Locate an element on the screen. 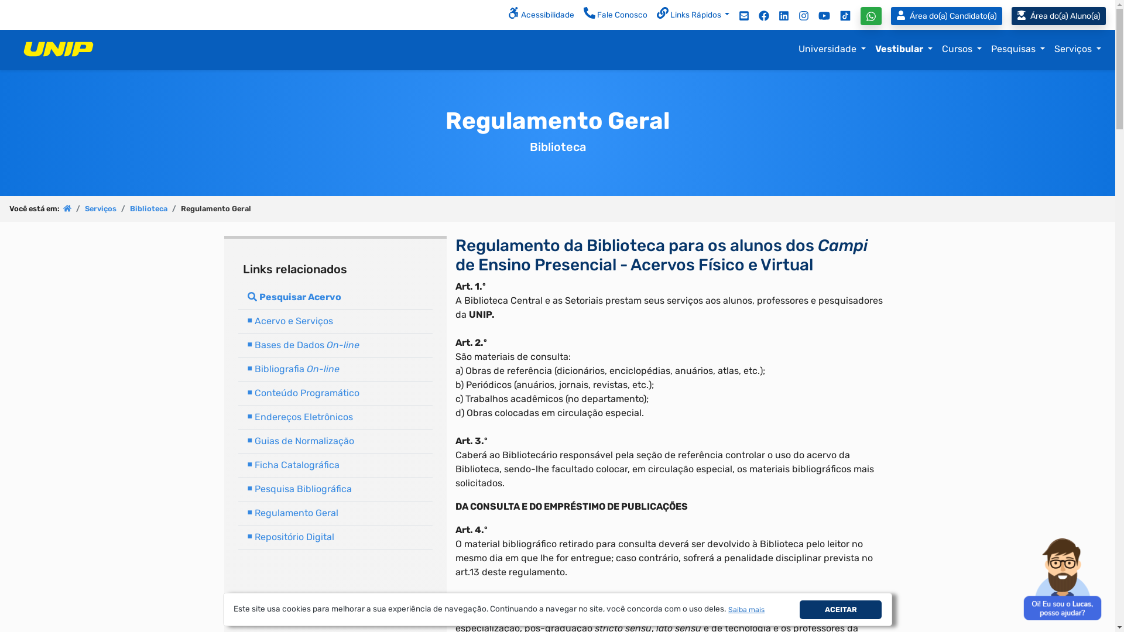 This screenshot has width=1124, height=632. 'Vestibular' is located at coordinates (903, 49).